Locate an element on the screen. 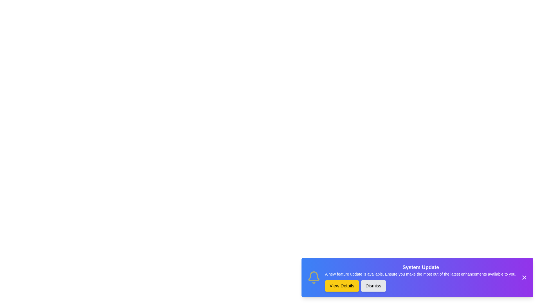 Image resolution: width=540 pixels, height=304 pixels. the 'View Details' button to trigger the alert is located at coordinates (341, 286).